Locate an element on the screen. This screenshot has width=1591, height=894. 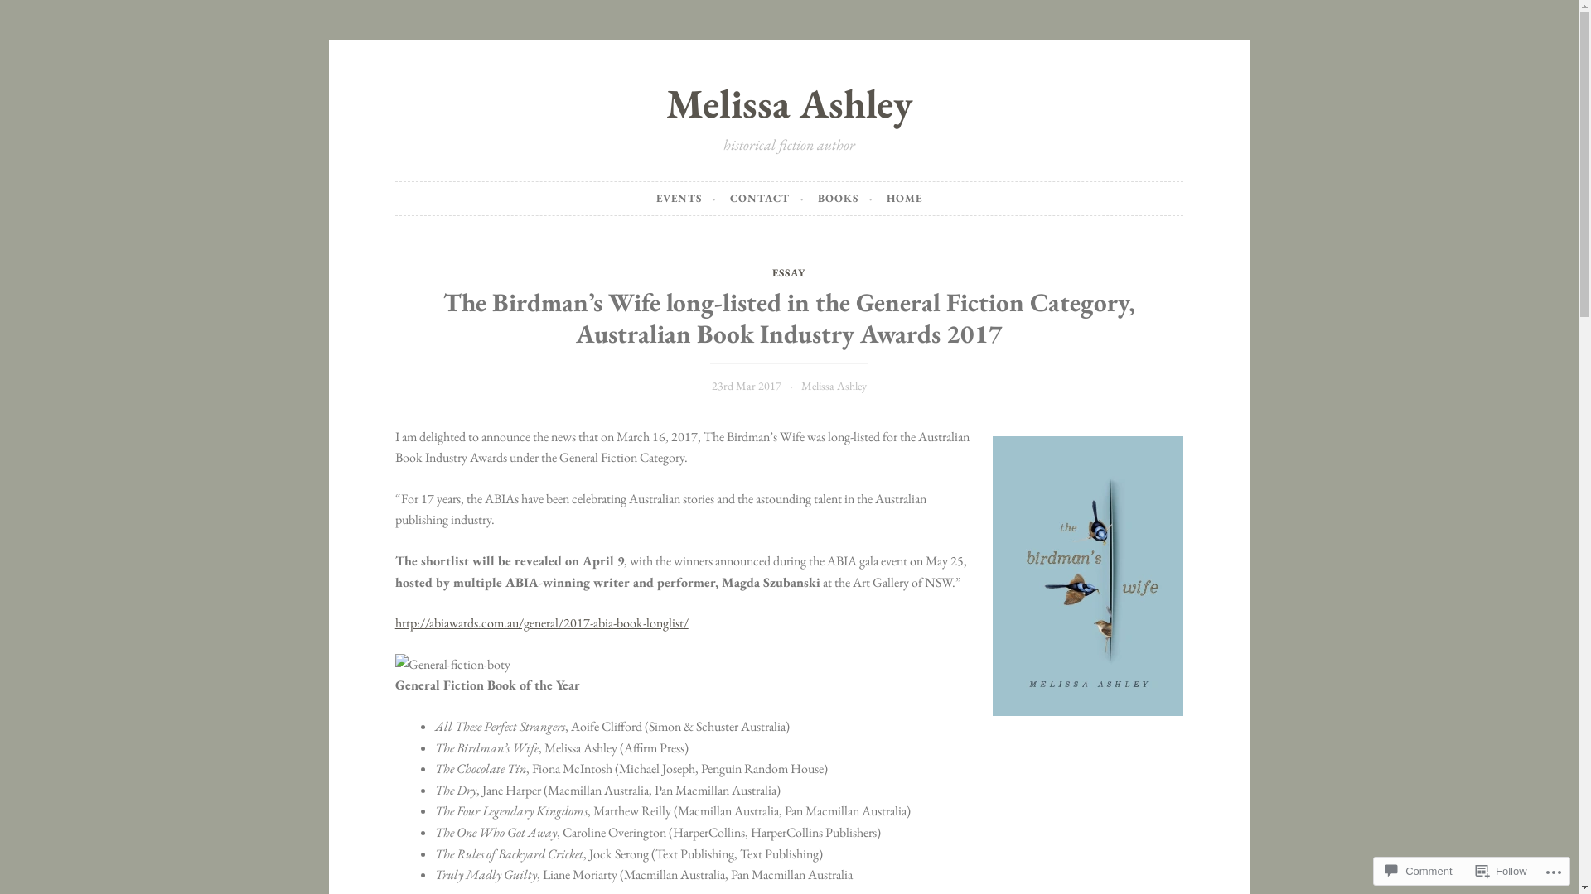
'Follow' is located at coordinates (1502, 870).